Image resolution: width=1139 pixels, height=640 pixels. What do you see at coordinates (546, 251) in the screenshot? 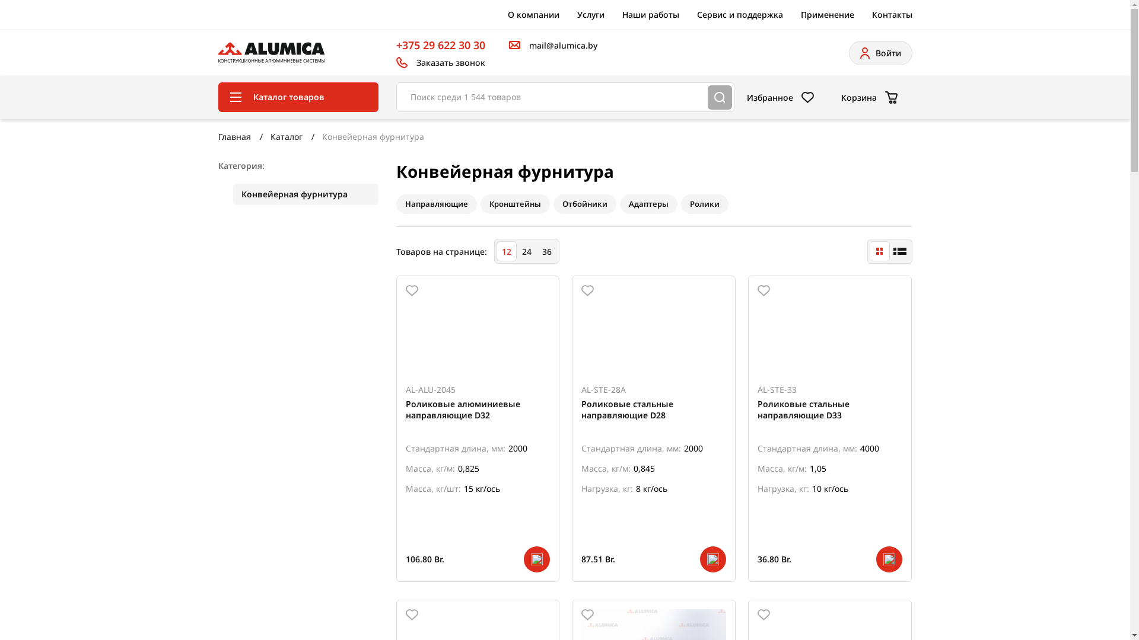
I see `'36'` at bounding box center [546, 251].